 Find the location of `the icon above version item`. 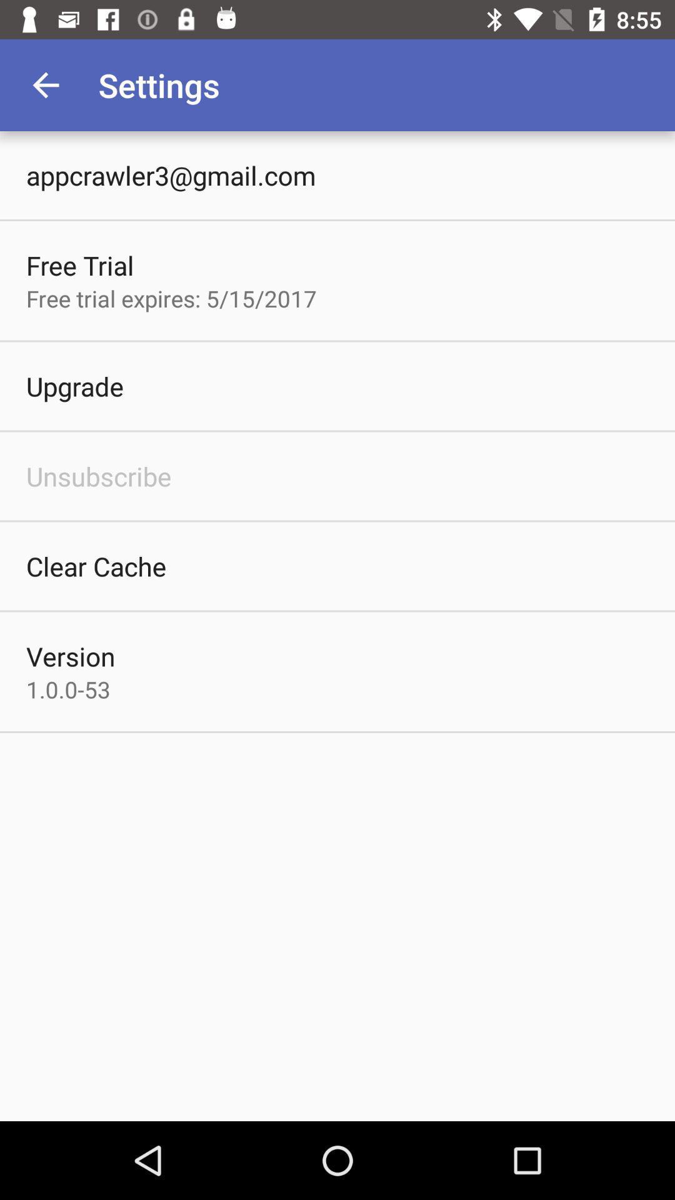

the icon above version item is located at coordinates (96, 566).